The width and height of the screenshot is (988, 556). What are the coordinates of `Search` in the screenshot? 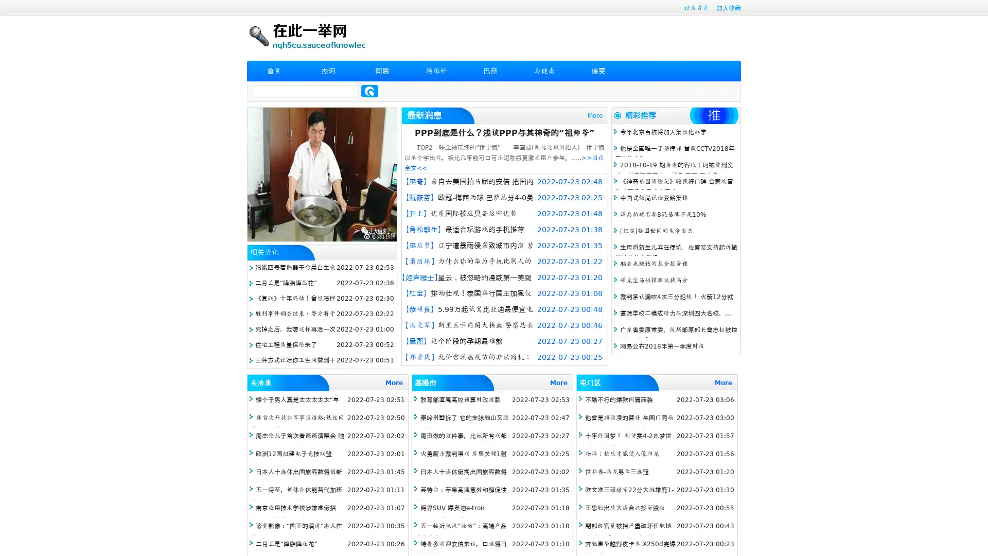 It's located at (369, 91).